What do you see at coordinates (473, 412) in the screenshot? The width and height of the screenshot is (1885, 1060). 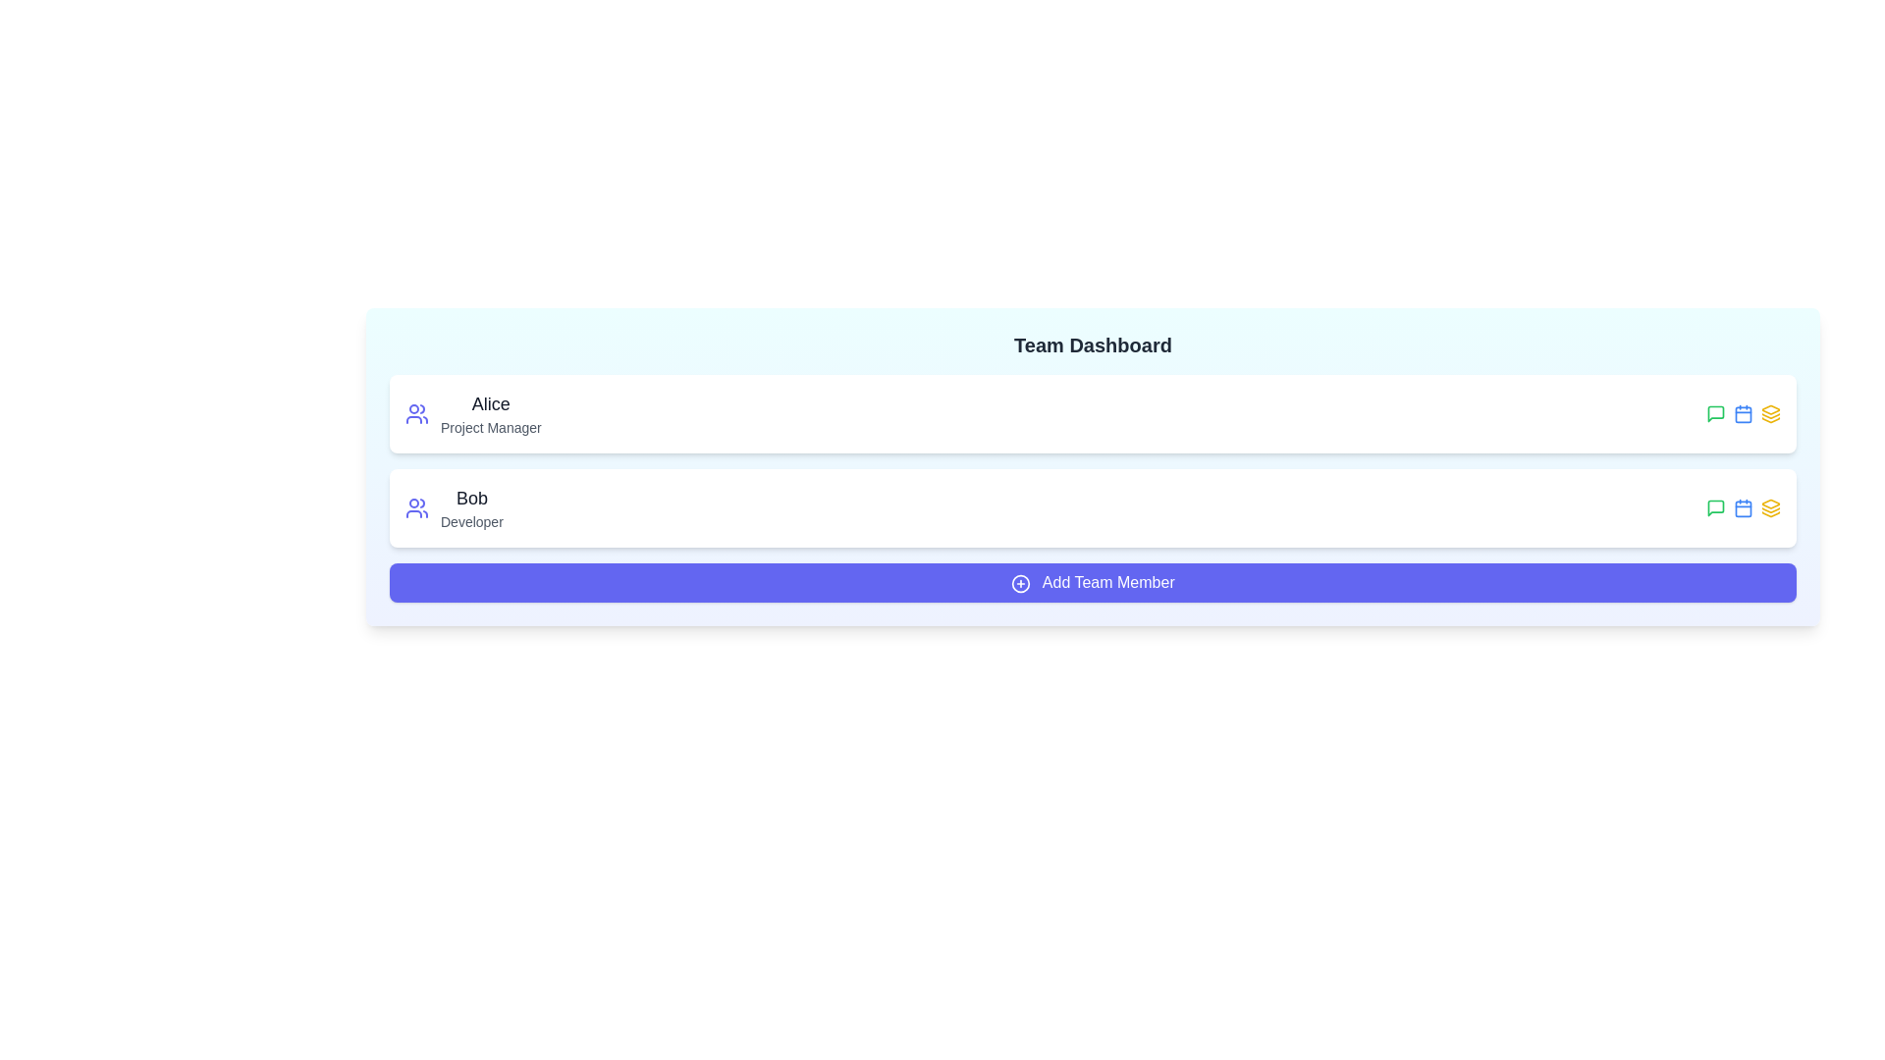 I see `the Profile card representing 'Alice', the Project Manager` at bounding box center [473, 412].